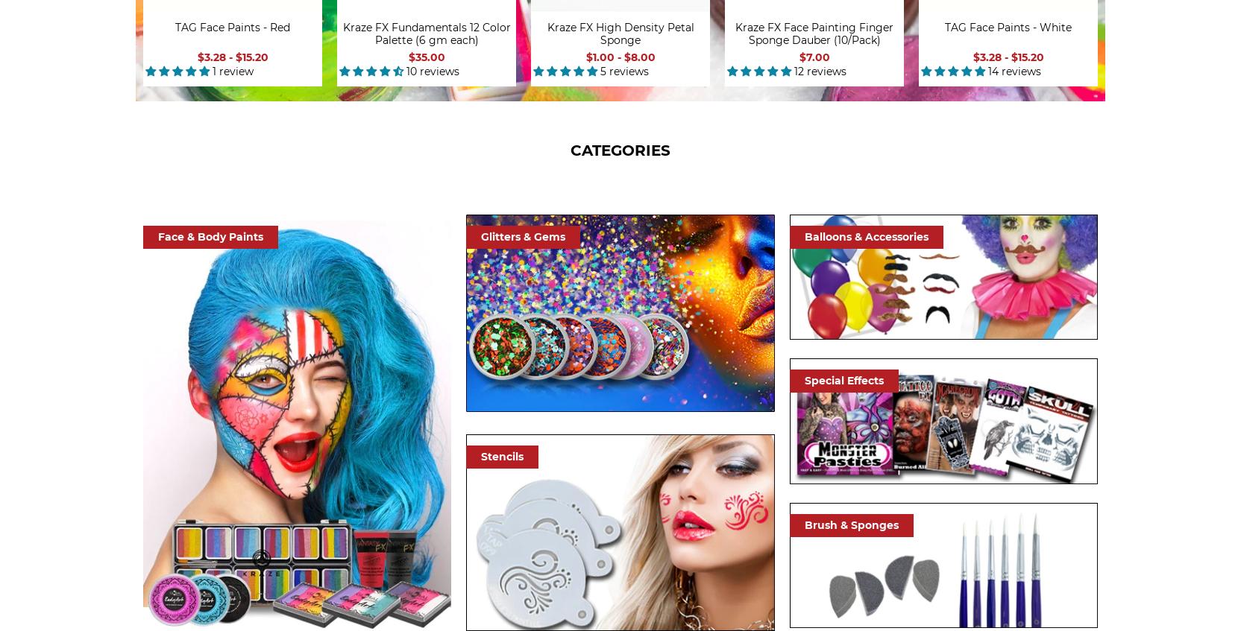 The height and width of the screenshot is (631, 1241). Describe the element at coordinates (425, 56) in the screenshot. I see `'$35.00'` at that location.